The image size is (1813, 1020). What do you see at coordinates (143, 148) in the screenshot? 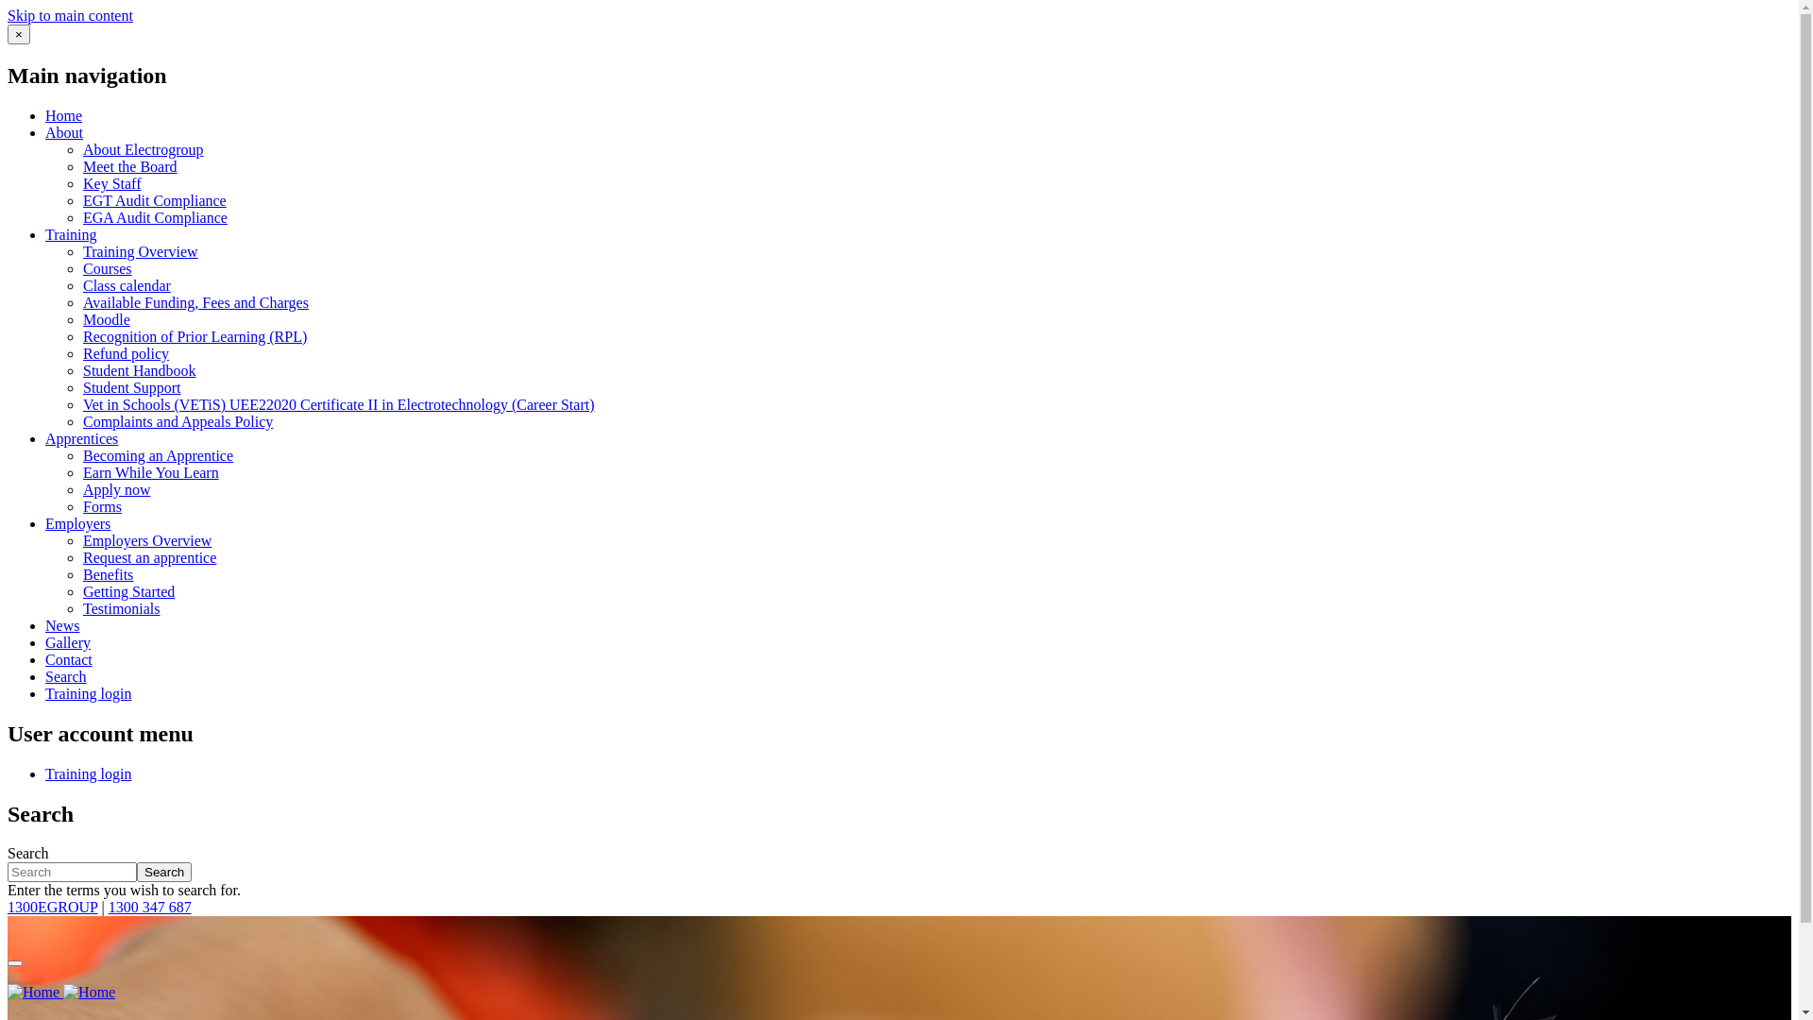
I see `'About Electrogroup'` at bounding box center [143, 148].